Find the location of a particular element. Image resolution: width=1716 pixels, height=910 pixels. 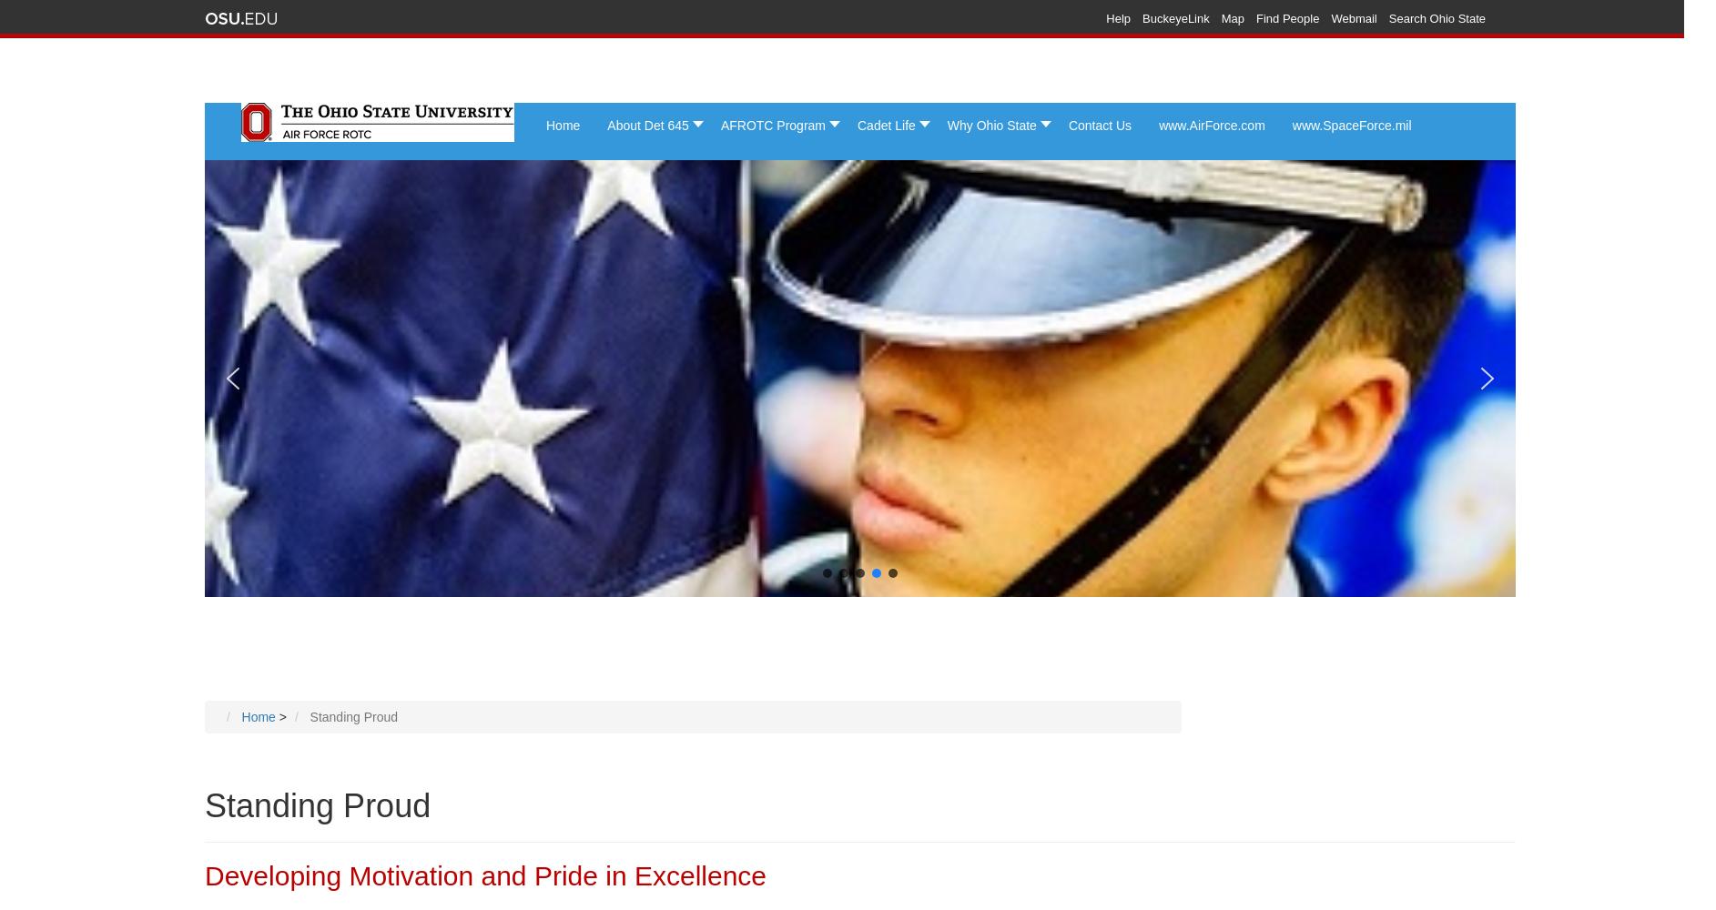

'AFROTC Program' is located at coordinates (772, 126).